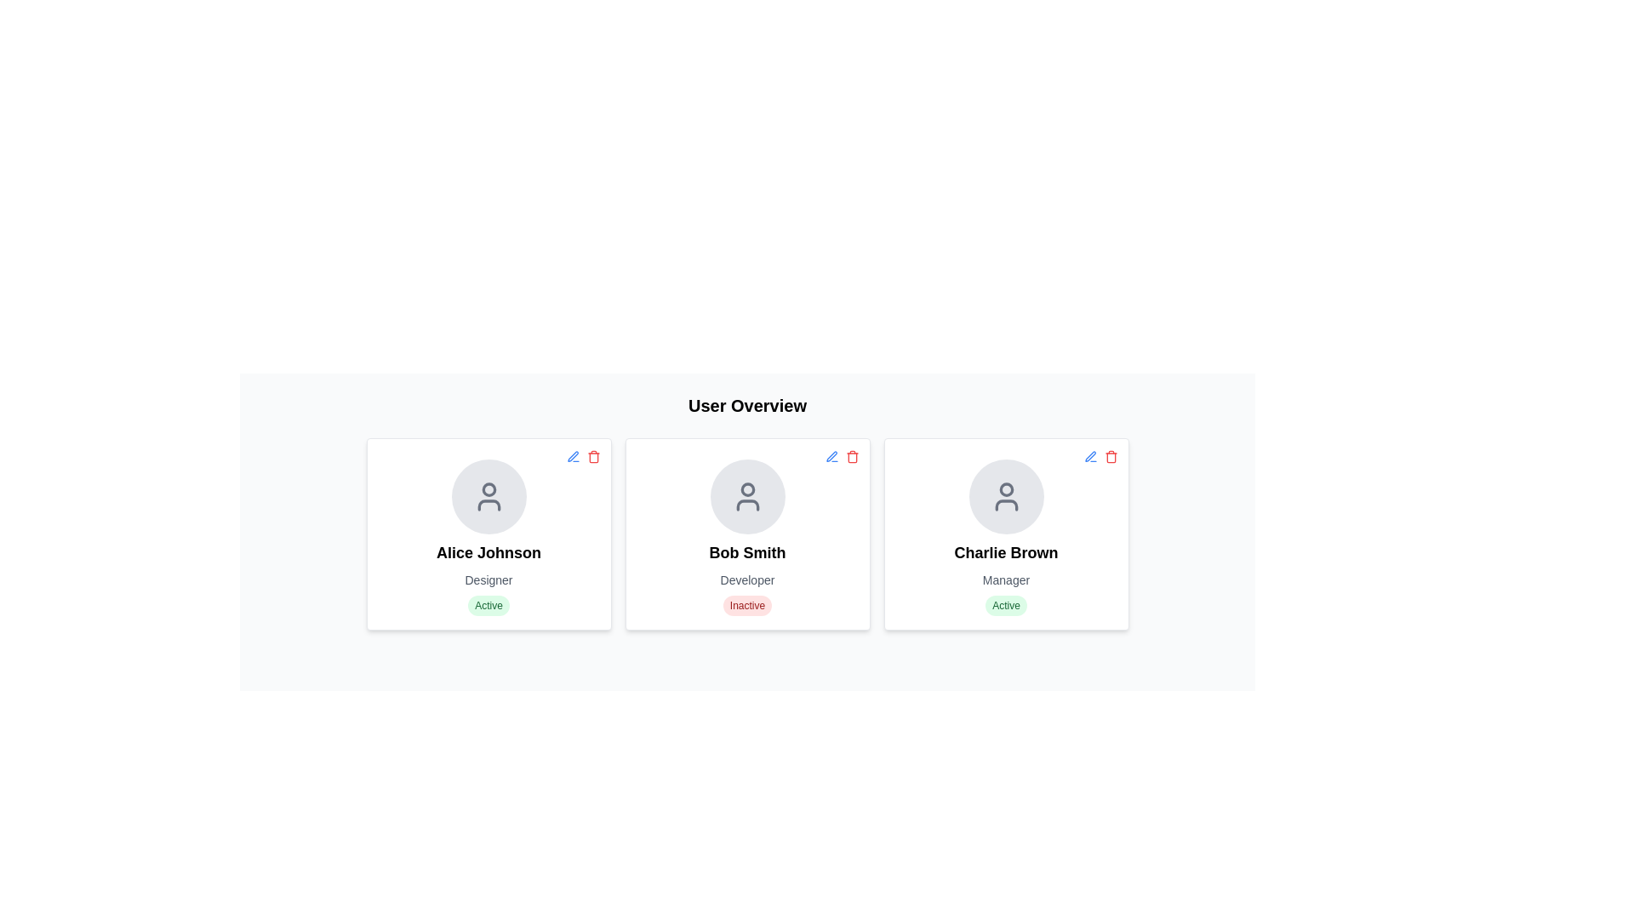 Image resolution: width=1634 pixels, height=919 pixels. Describe the element at coordinates (747, 496) in the screenshot. I see `the icon or avatar placeholder that represents the user within the card titled 'Bob Smith' to select it` at that location.